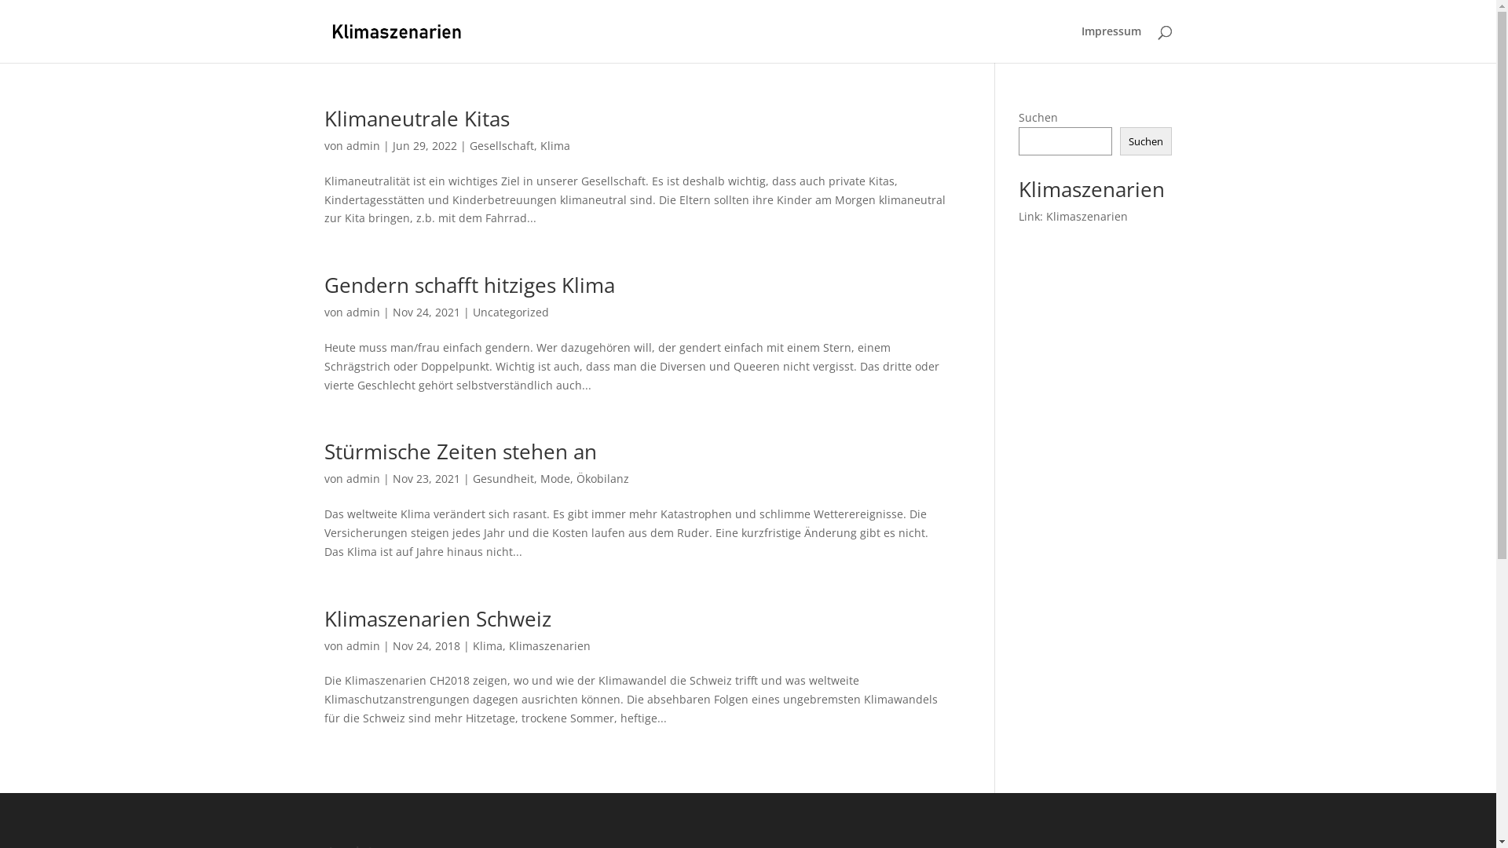  What do you see at coordinates (550, 645) in the screenshot?
I see `'Klimaszenarien'` at bounding box center [550, 645].